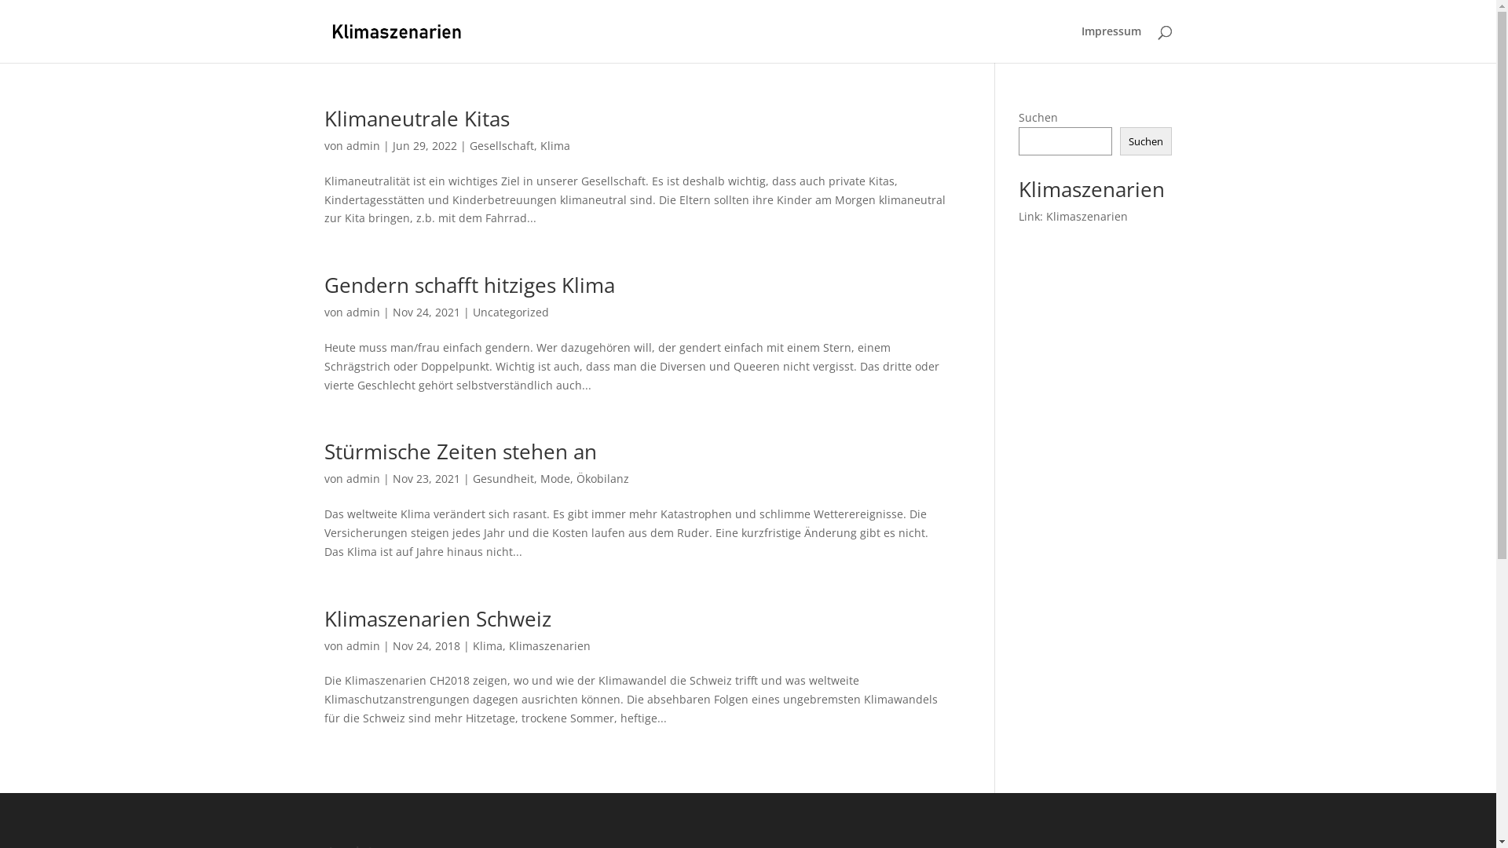  What do you see at coordinates (550, 645) in the screenshot?
I see `'Klimaszenarien'` at bounding box center [550, 645].